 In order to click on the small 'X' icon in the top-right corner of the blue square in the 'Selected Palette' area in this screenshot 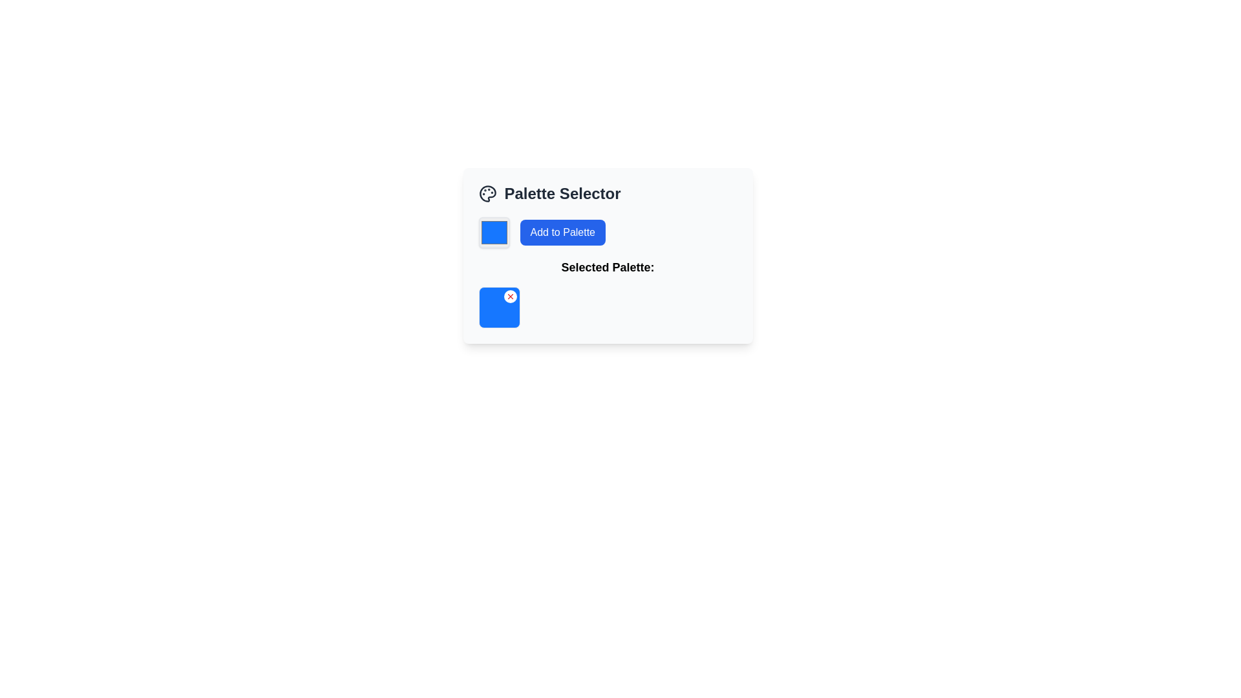, I will do `click(509, 297)`.